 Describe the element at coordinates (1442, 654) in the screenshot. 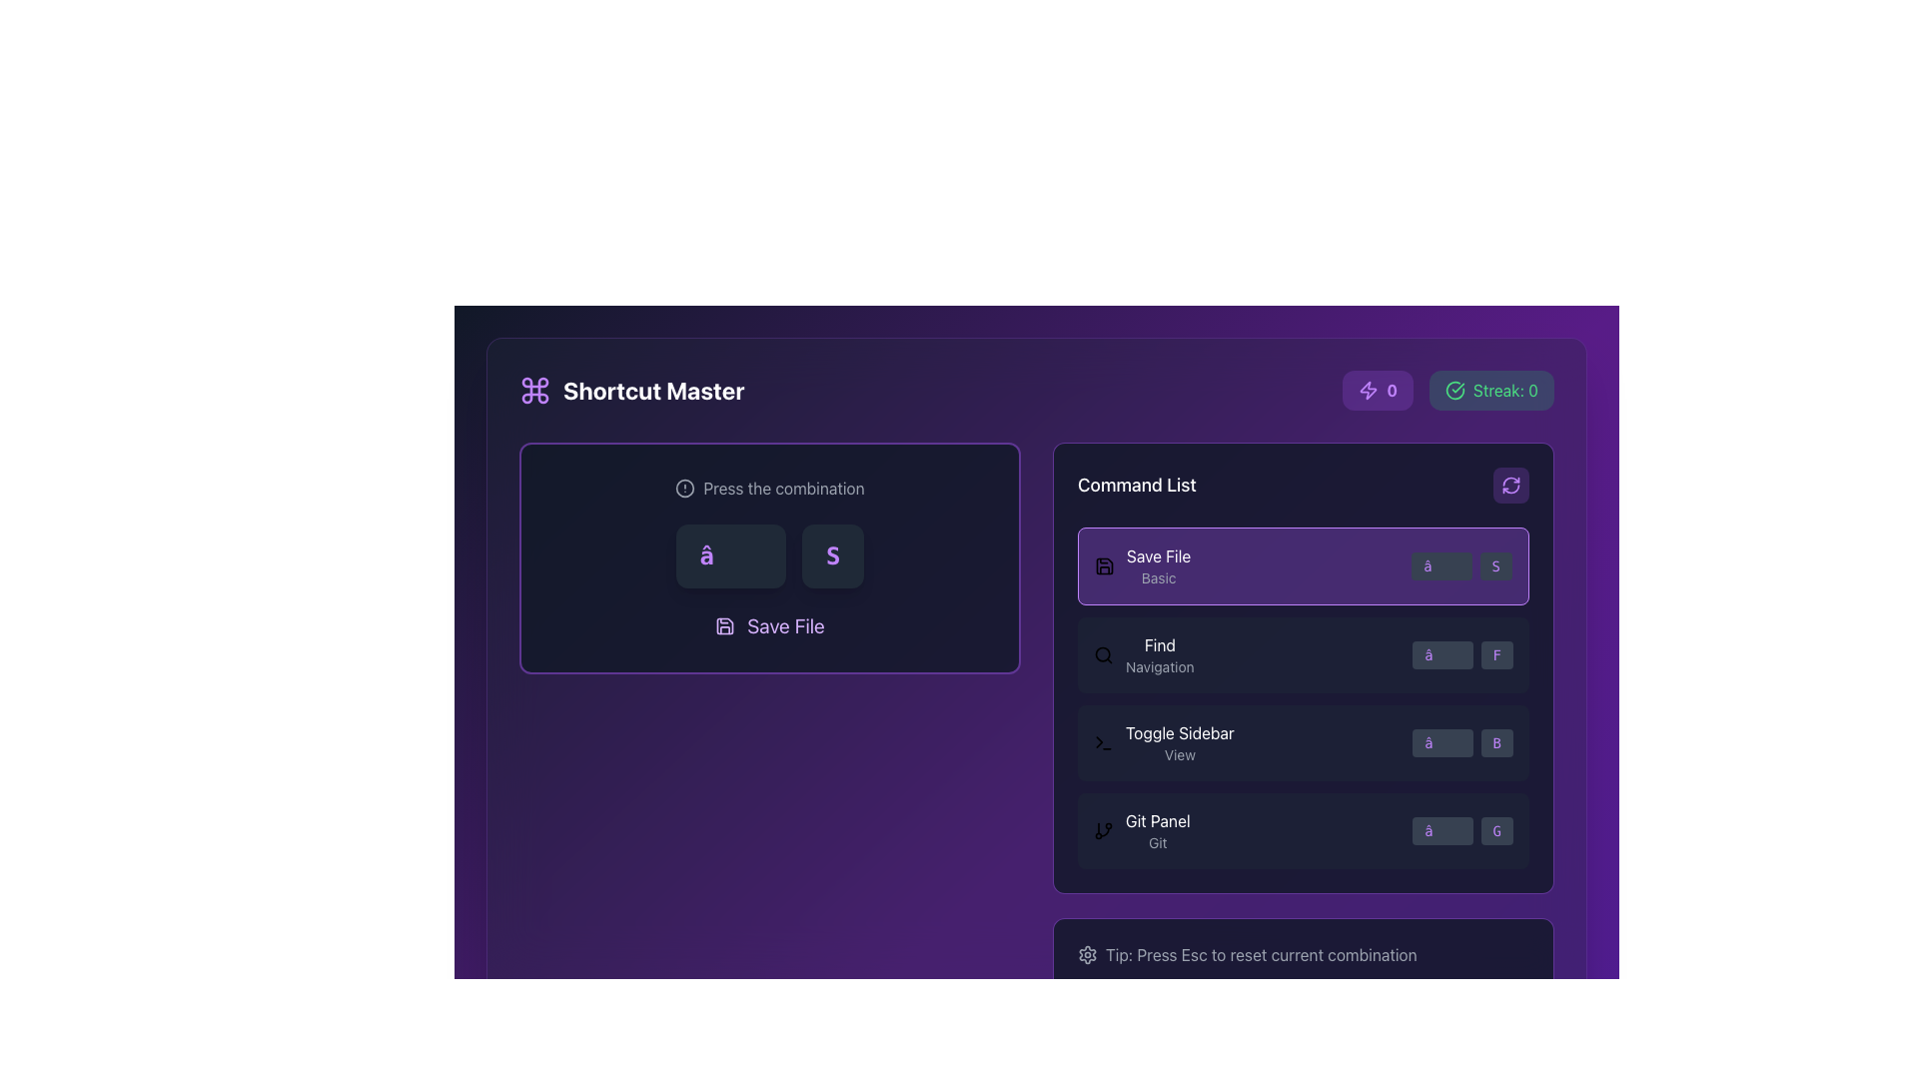

I see `the Key indicator displaying '⌘' in the Command List panel to understand the associated shortcut for the 'Find' command` at that location.